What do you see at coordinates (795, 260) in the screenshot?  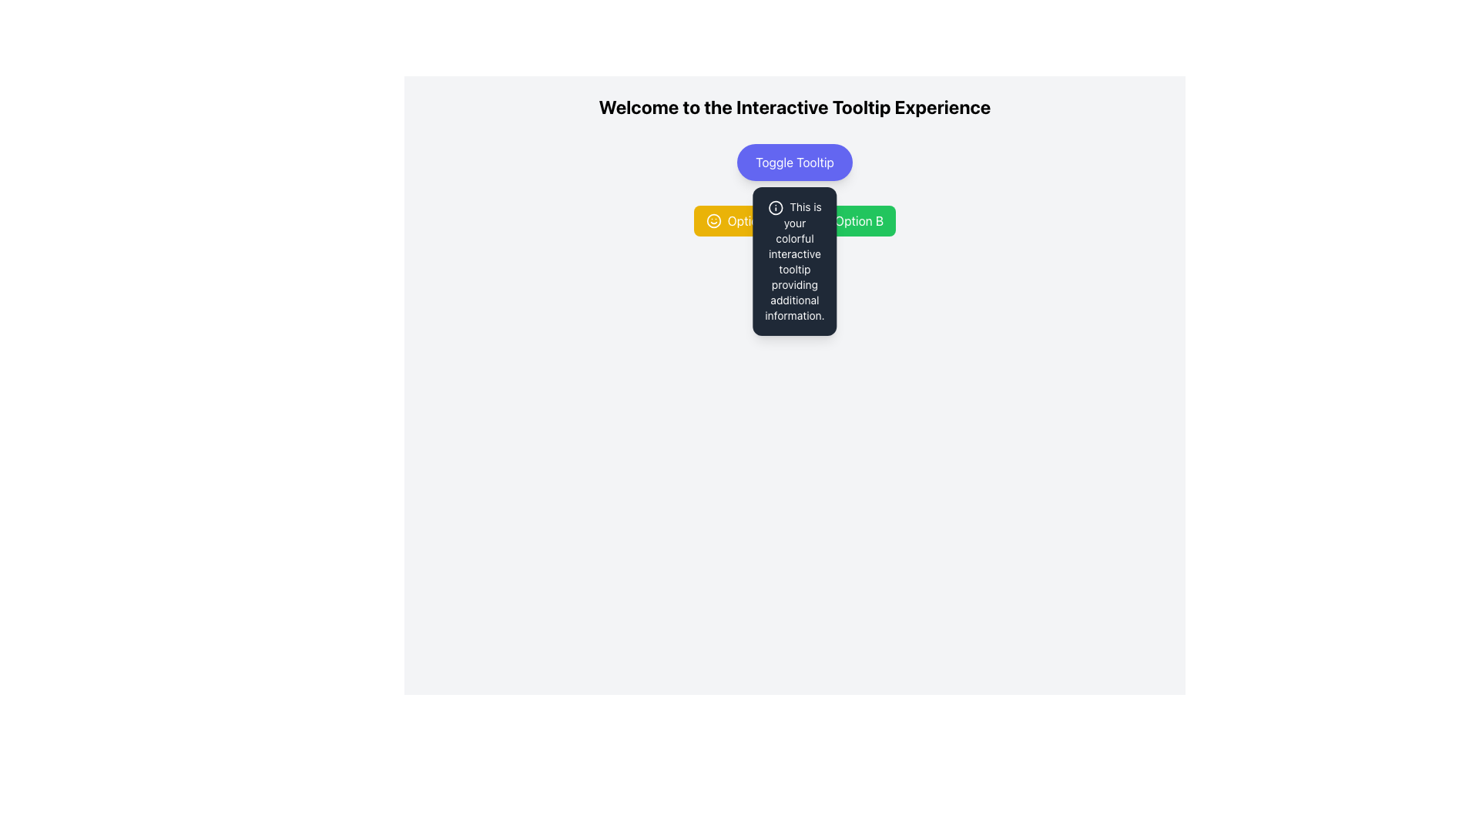 I see `the rectangular tooltip with a dark background and white text that appears below the 'Toggle Tooltip' button` at bounding box center [795, 260].